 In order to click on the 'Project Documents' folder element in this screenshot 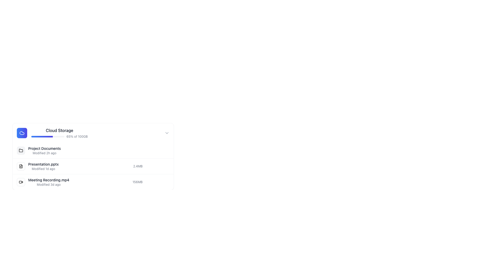, I will do `click(38, 150)`.